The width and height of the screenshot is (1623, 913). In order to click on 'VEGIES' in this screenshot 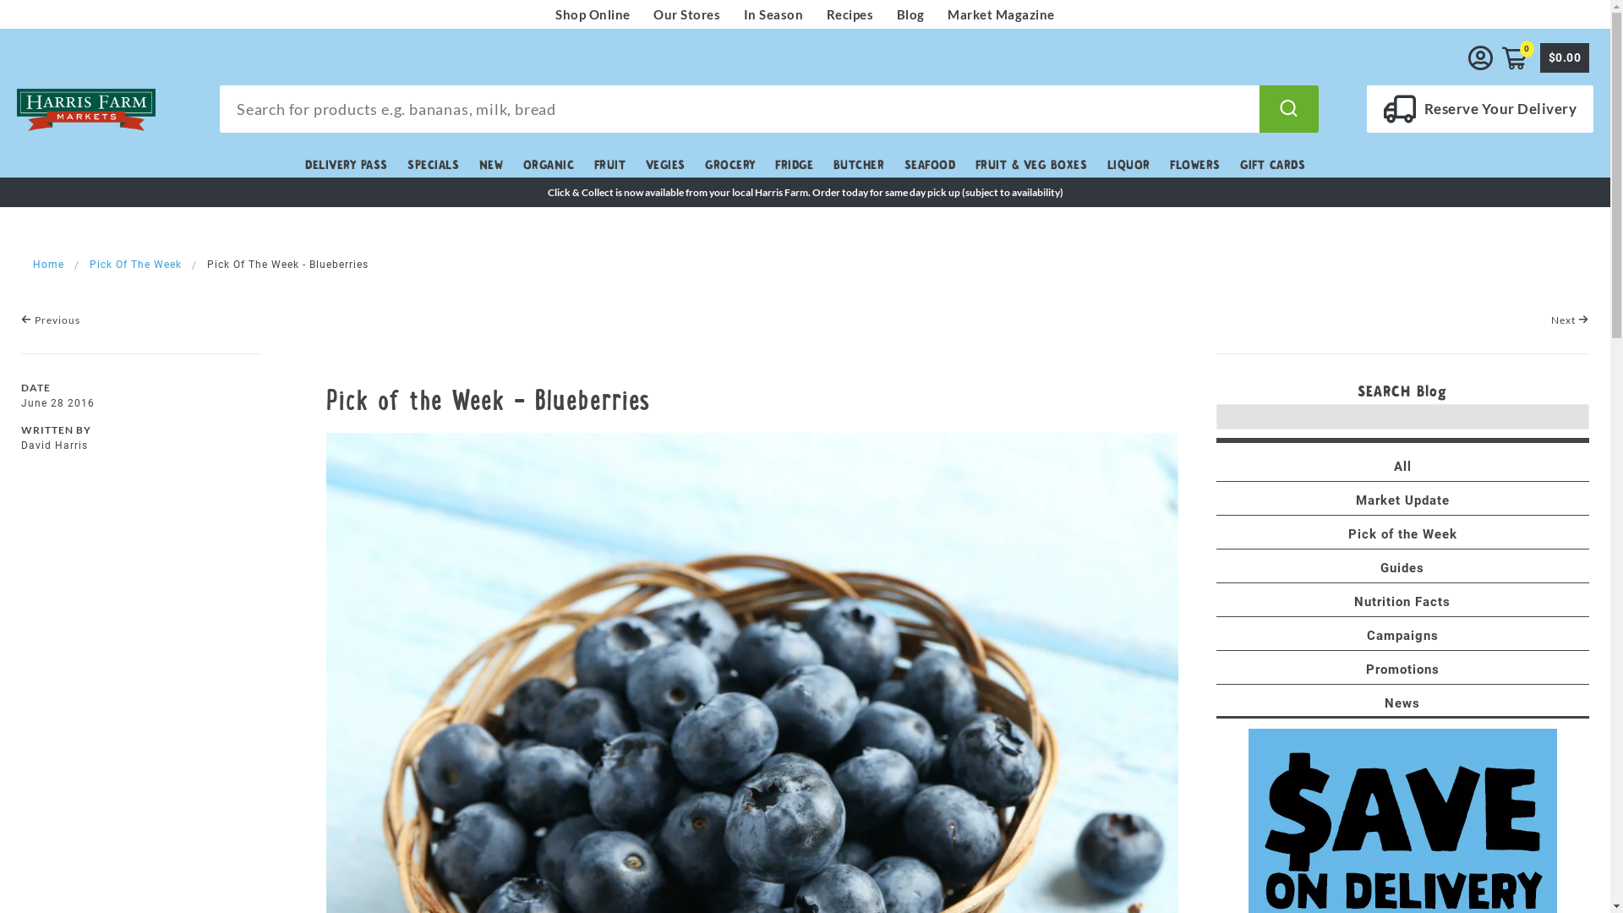, I will do `click(664, 165)`.